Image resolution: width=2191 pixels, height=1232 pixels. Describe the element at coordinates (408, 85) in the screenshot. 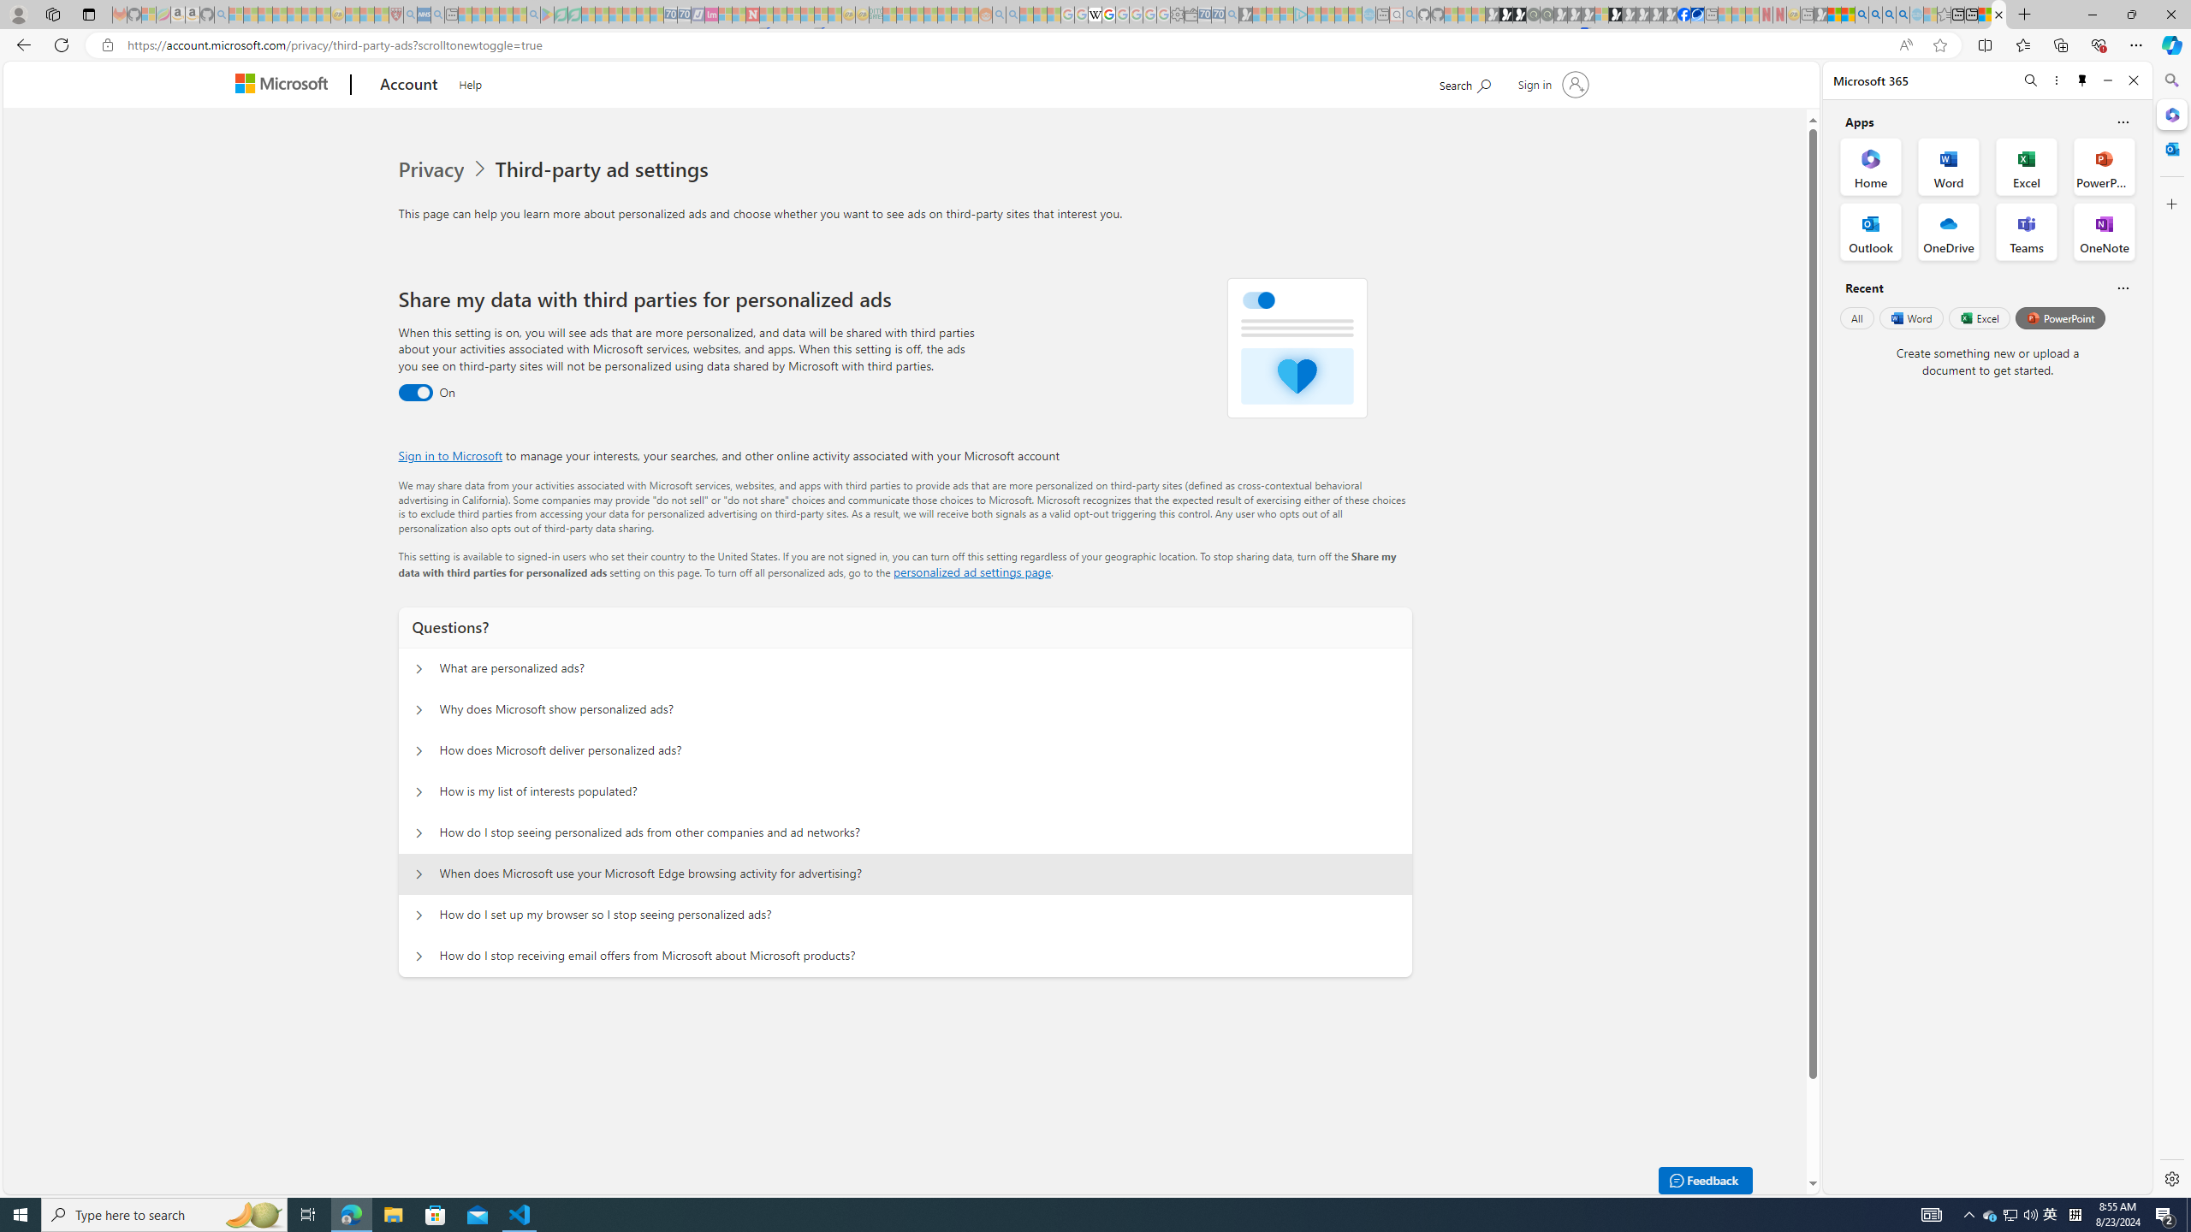

I see `'Account'` at that location.